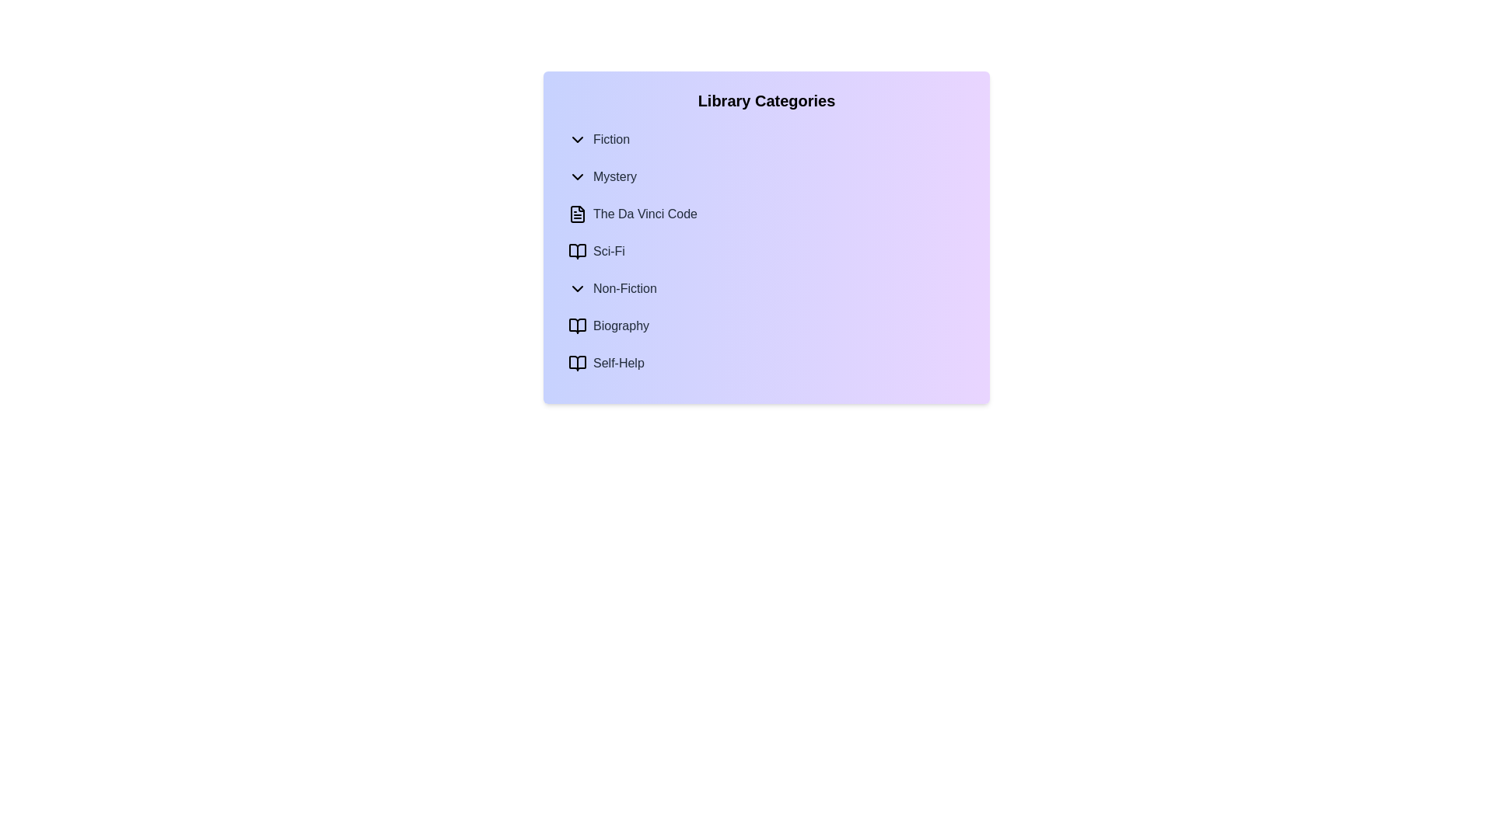 The width and height of the screenshot is (1493, 839). Describe the element at coordinates (608, 251) in the screenshot. I see `the 'Sci-Fi' text label, which is displayed in a medium-weight gray font and is located to the right of the 'book' icon in the 'Library Categories' under 'Mystery'` at that location.